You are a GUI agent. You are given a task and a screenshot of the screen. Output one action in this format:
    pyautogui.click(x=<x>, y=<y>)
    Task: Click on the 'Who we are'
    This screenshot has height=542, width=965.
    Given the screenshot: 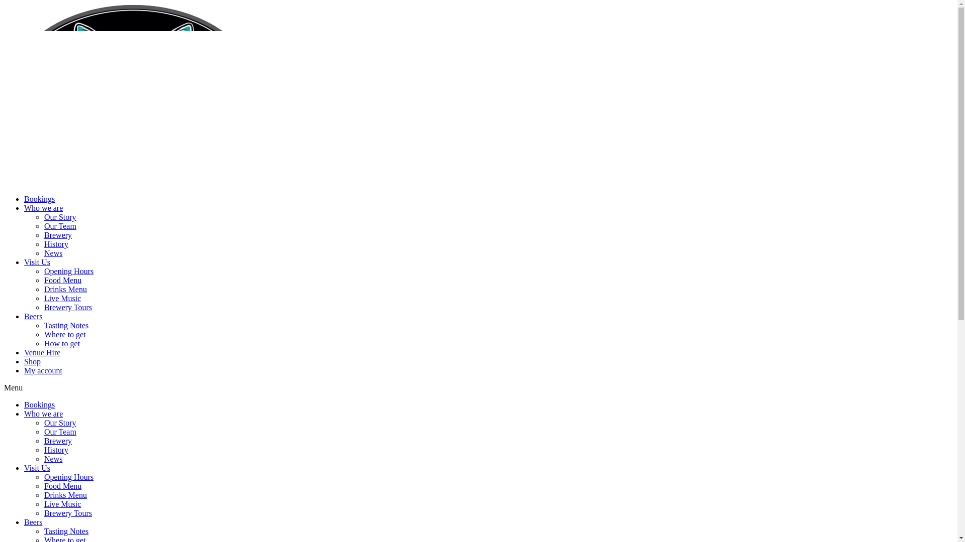 What is the action you would take?
    pyautogui.click(x=43, y=414)
    